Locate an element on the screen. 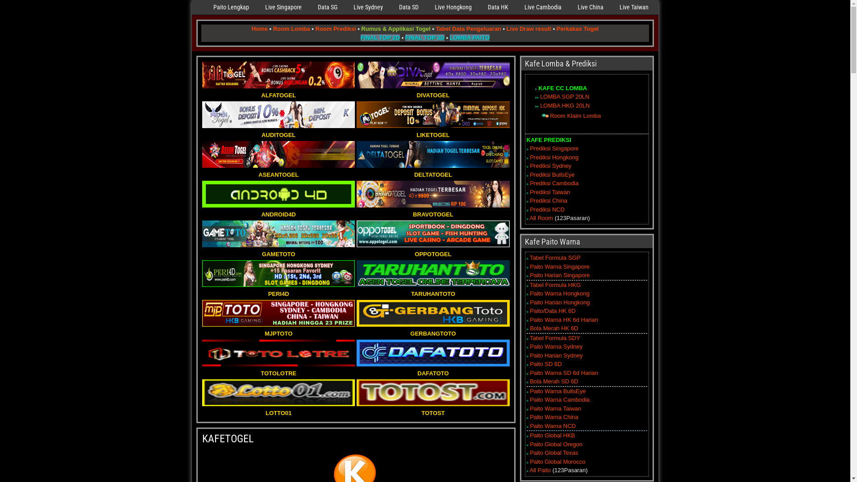 The image size is (857, 482). 'Tabel Formula SDY' is located at coordinates (554, 338).